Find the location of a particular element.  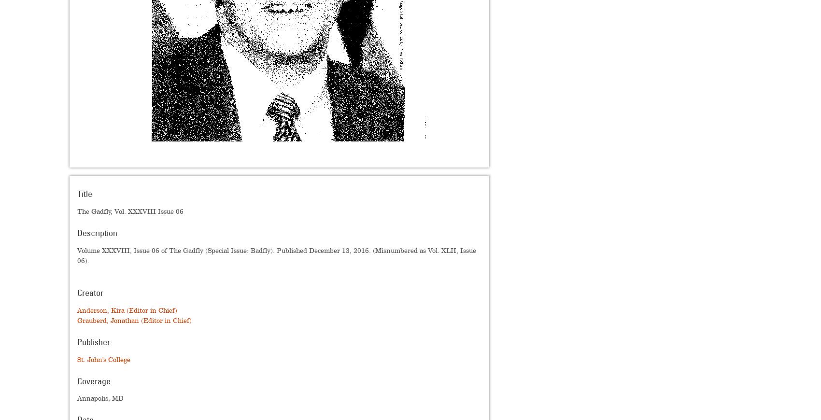

'Description' is located at coordinates (97, 233).